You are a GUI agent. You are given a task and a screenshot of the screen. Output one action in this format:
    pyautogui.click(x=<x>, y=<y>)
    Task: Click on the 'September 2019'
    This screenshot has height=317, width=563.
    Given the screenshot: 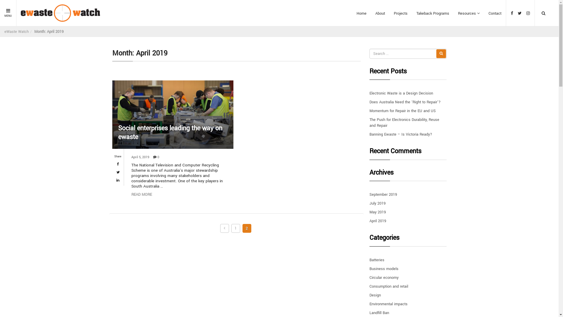 What is the action you would take?
    pyautogui.click(x=383, y=195)
    